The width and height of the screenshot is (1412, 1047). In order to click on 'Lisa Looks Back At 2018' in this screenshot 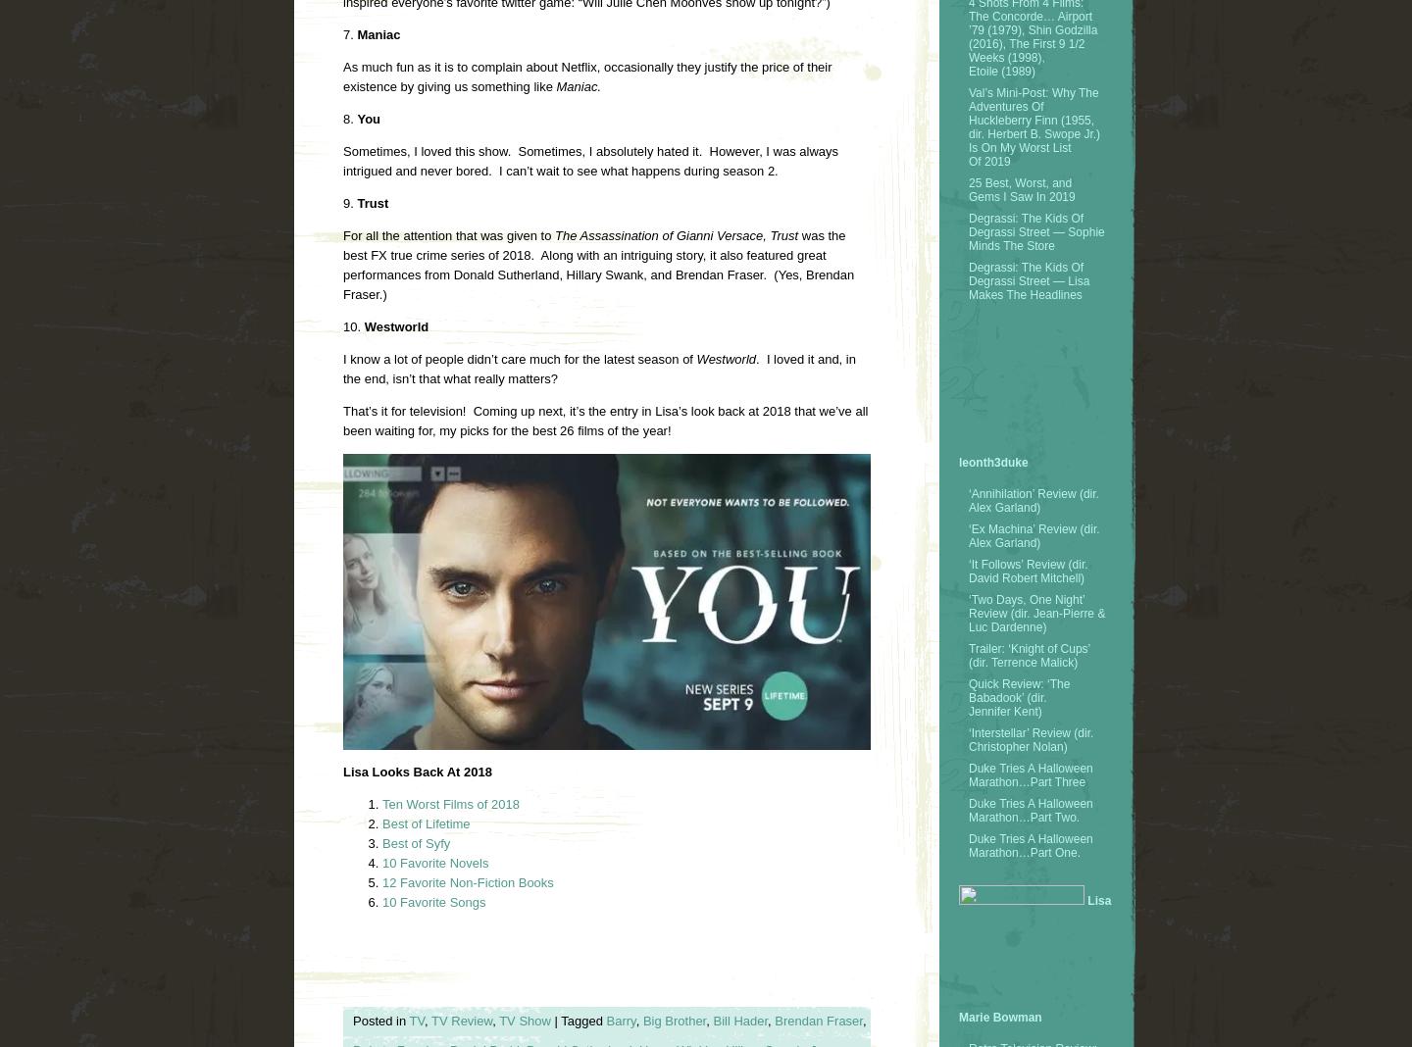, I will do `click(343, 772)`.